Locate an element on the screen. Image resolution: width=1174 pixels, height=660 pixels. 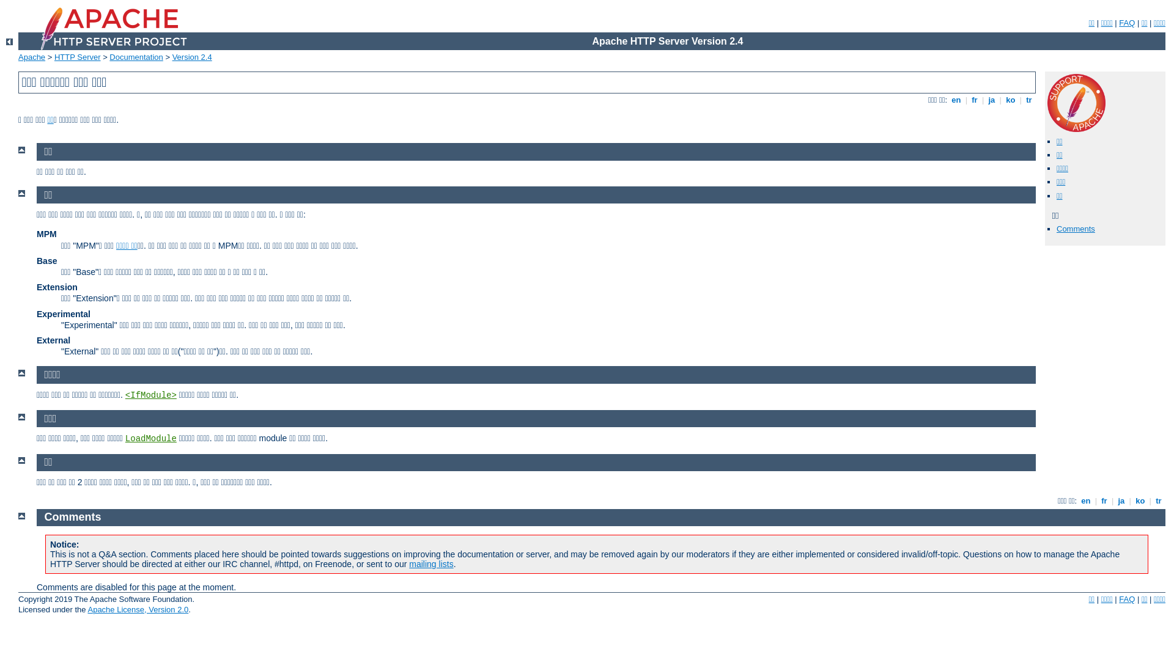
'Documentation' is located at coordinates (136, 57).